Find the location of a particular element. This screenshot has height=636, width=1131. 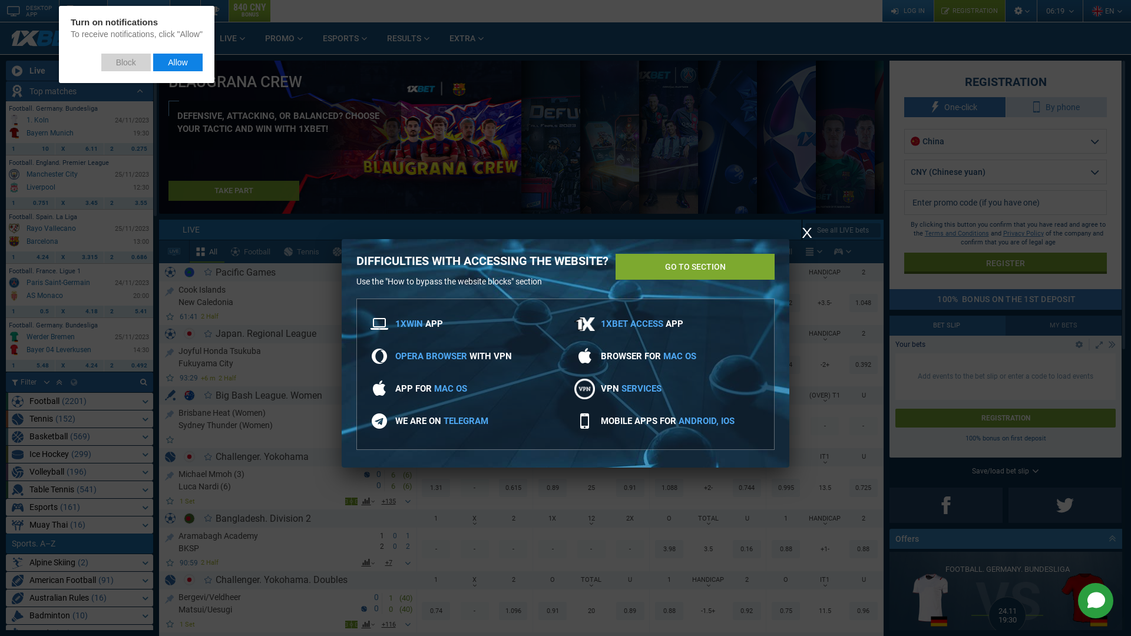

'1XWIN APP' is located at coordinates (395, 324).